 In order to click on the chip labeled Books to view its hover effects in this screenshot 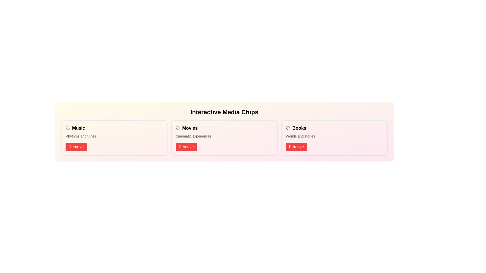, I will do `click(296, 128)`.